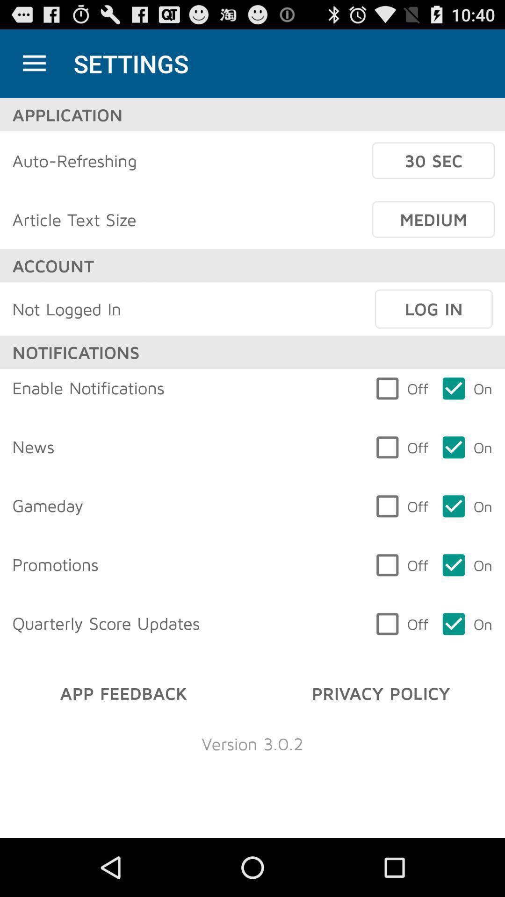 The width and height of the screenshot is (505, 897). What do you see at coordinates (433, 309) in the screenshot?
I see `log in item` at bounding box center [433, 309].